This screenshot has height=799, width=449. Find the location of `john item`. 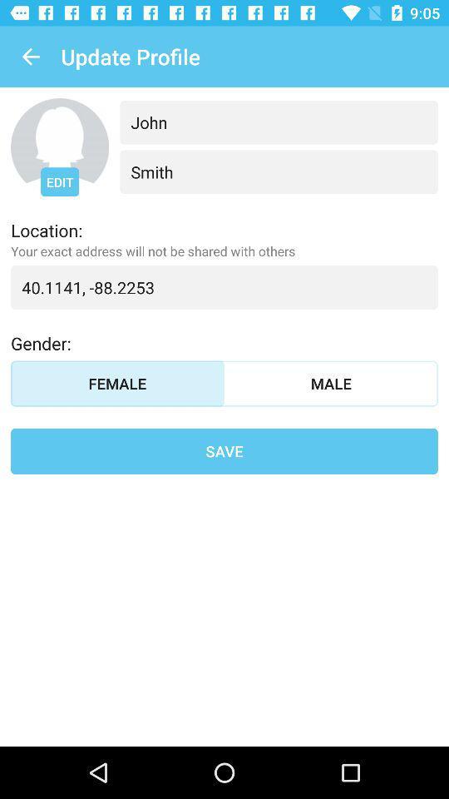

john item is located at coordinates (279, 122).